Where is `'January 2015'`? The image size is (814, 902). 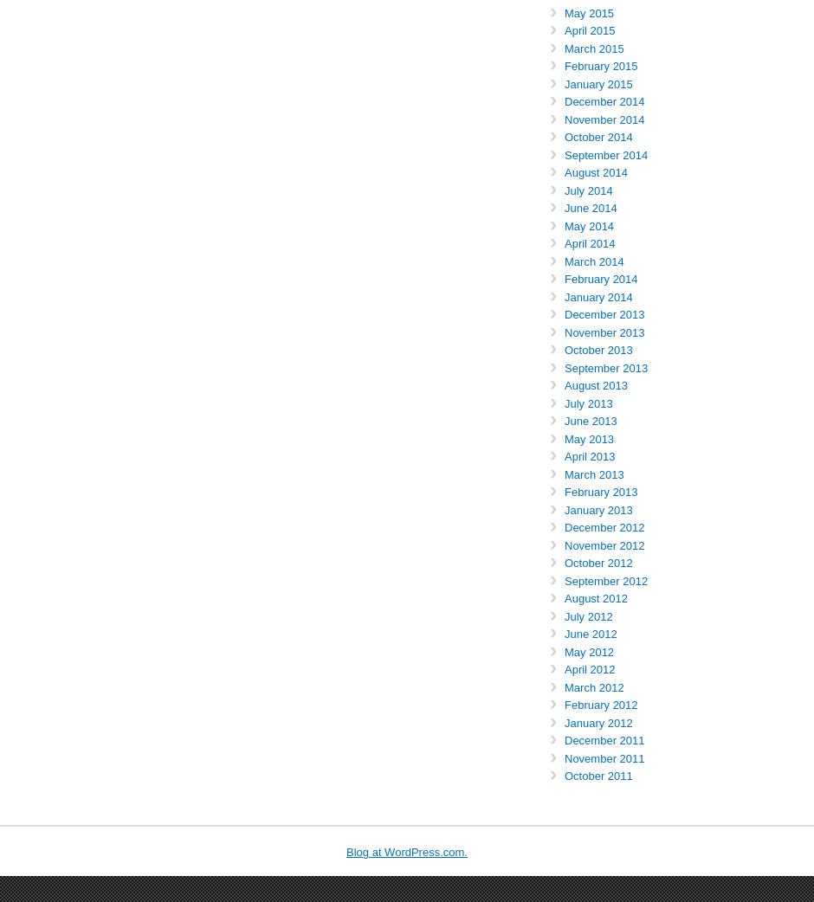 'January 2015' is located at coordinates (564, 83).